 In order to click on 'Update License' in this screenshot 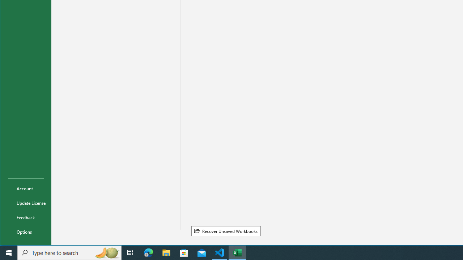, I will do `click(26, 203)`.